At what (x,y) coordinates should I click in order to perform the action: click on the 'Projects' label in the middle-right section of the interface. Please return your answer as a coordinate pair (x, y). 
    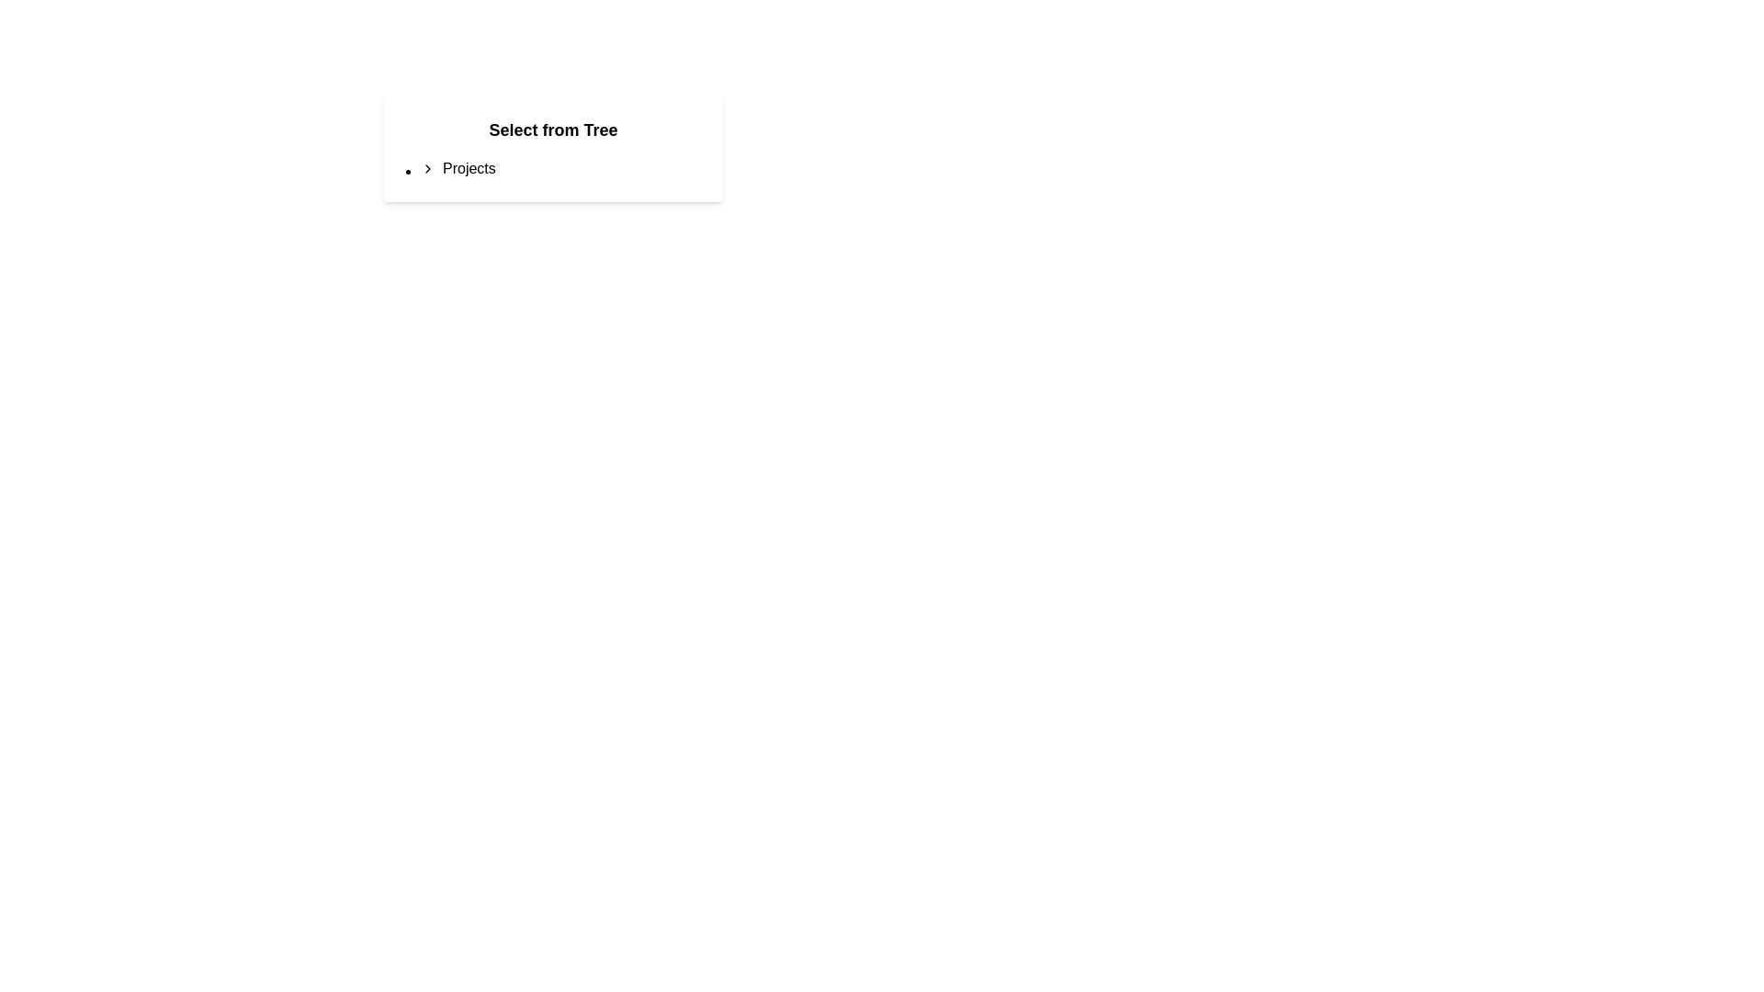
    Looking at the image, I should click on (469, 169).